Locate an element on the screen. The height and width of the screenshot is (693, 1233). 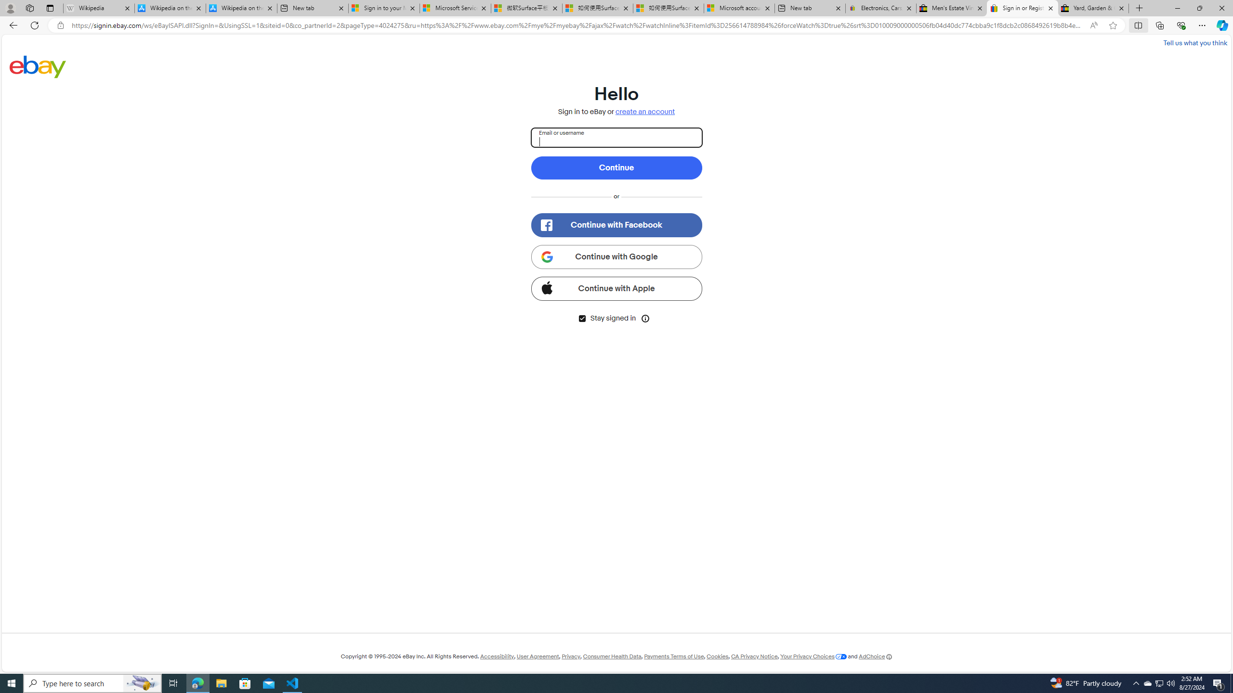
'Stay signed in' is located at coordinates (581, 318).